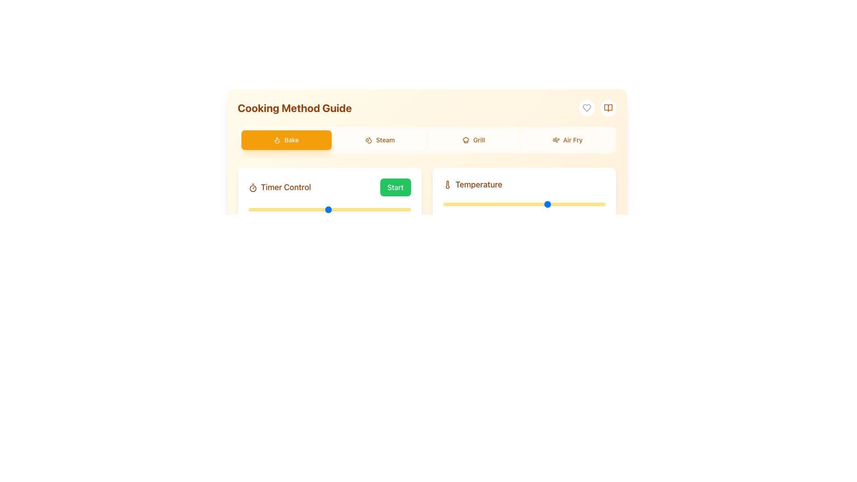 This screenshot has width=857, height=482. Describe the element at coordinates (449, 204) in the screenshot. I see `the temperature slider` at that location.